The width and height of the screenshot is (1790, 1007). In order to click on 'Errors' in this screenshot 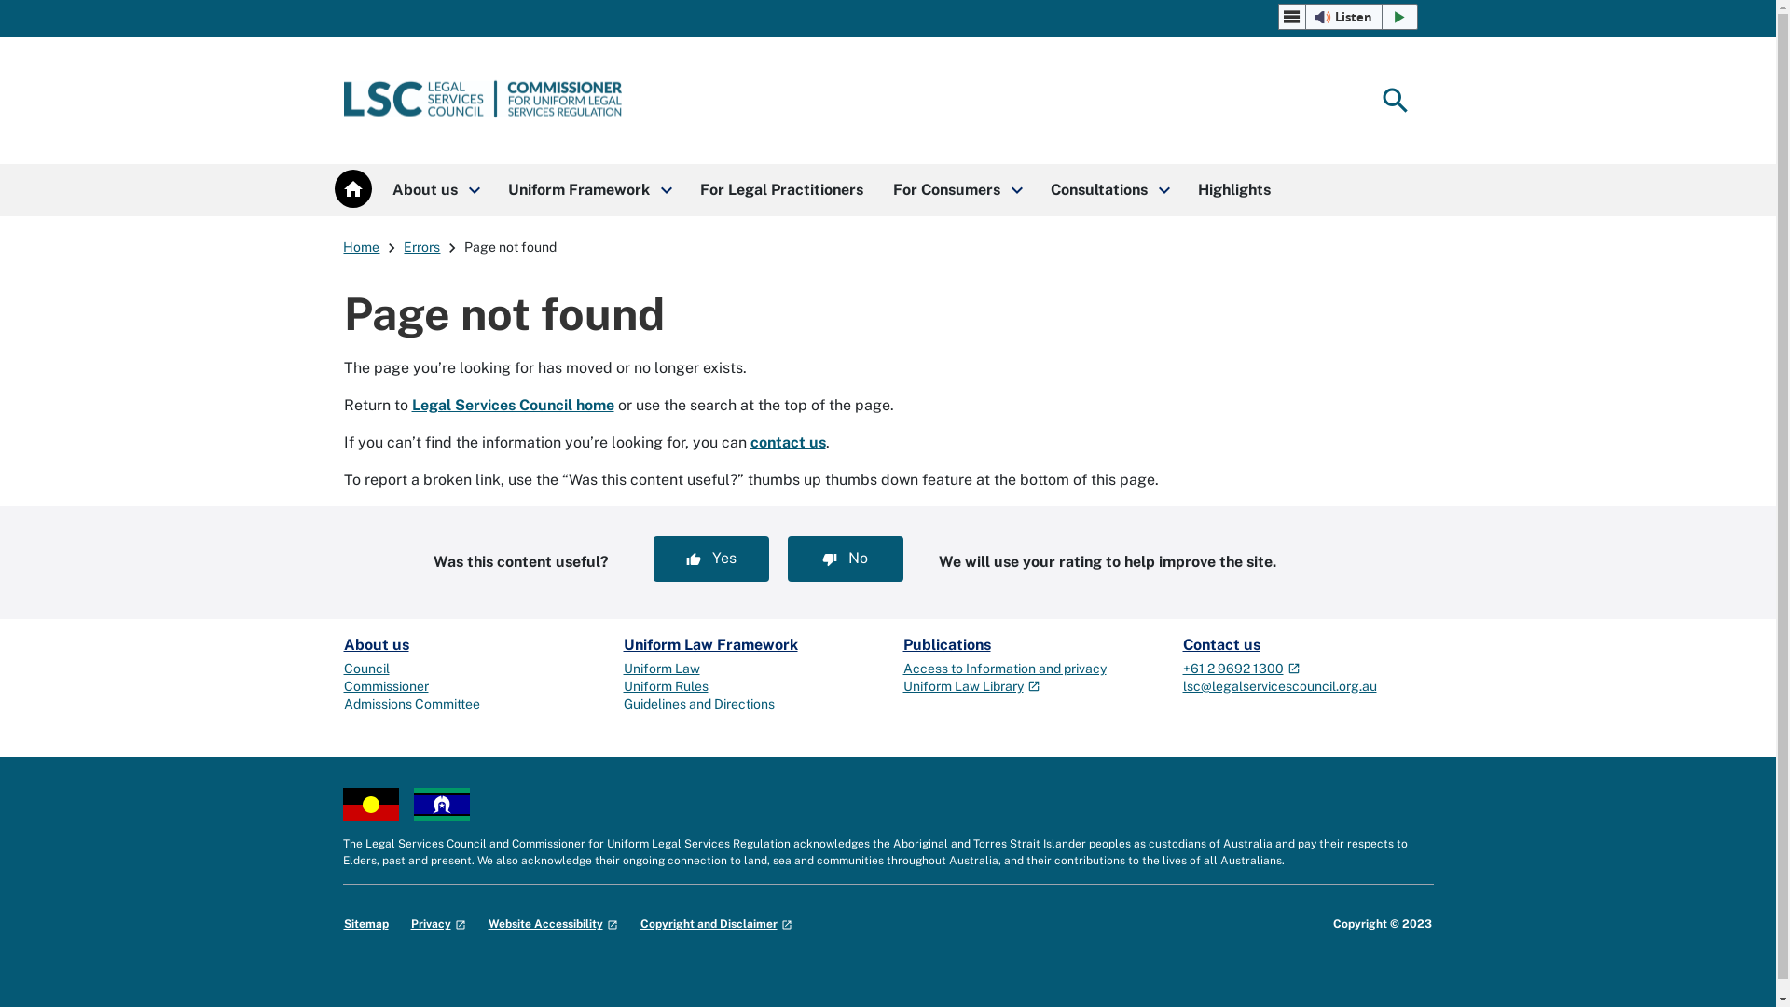, I will do `click(420, 246)`.